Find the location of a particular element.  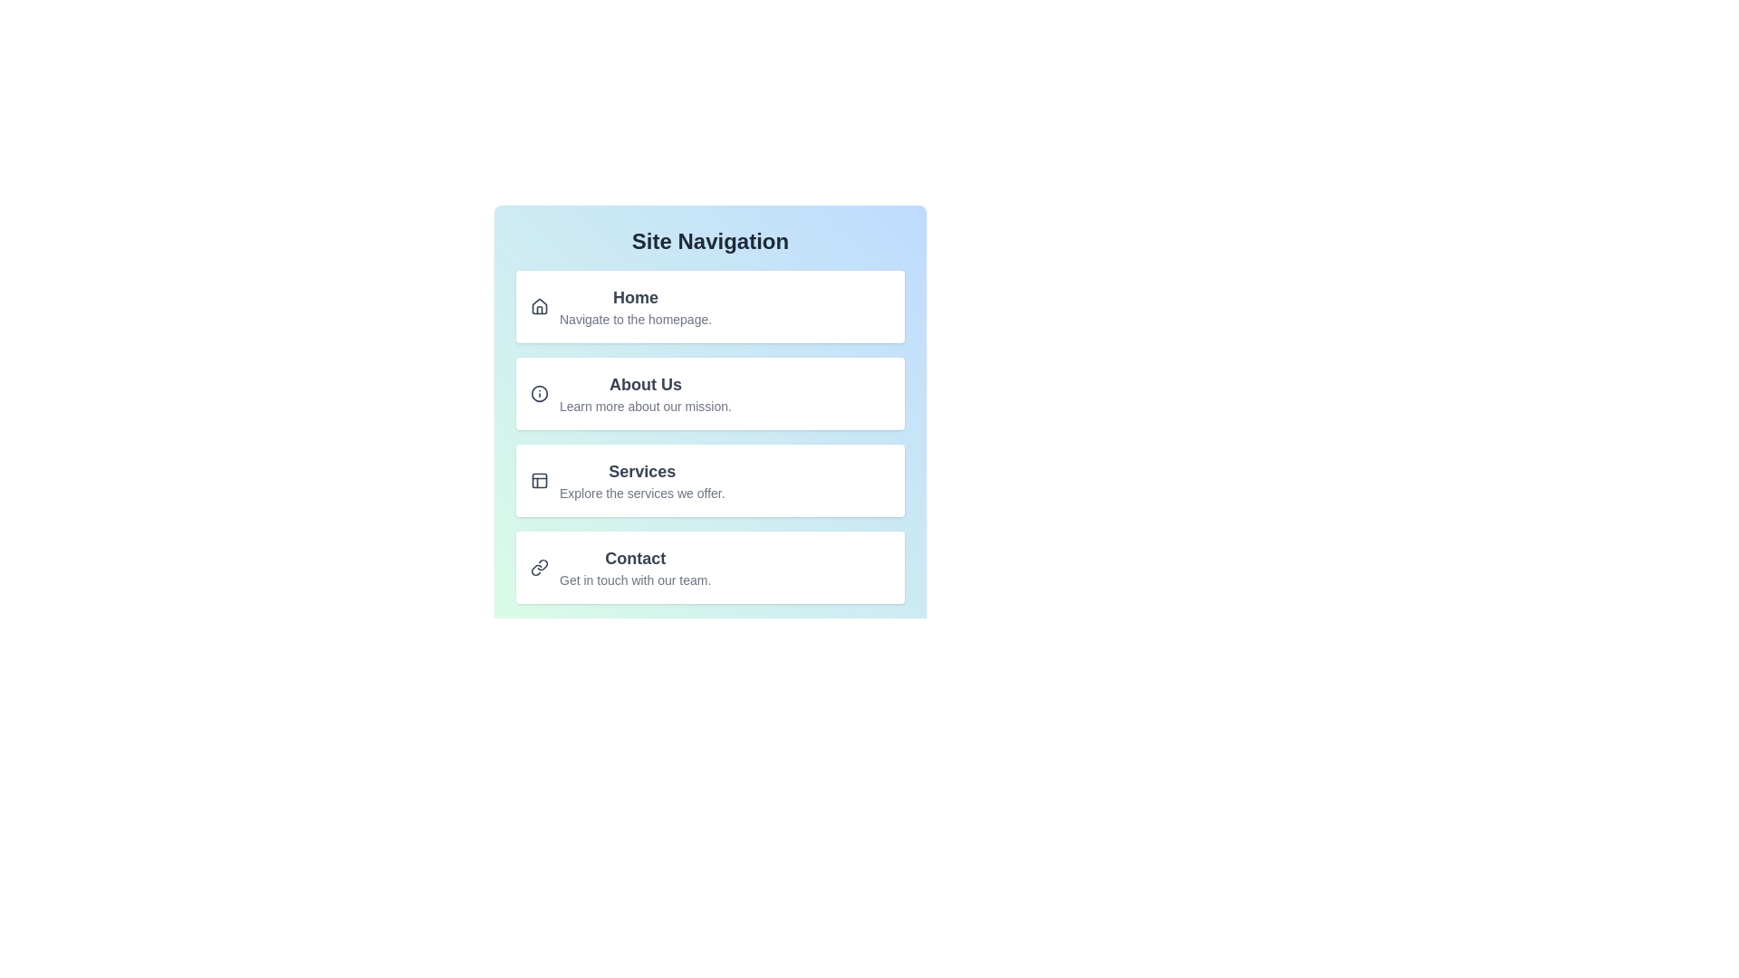

the small gray text label that reads 'Learn more about our mission.' located directly below the 'About Us' heading is located at coordinates (645, 405).